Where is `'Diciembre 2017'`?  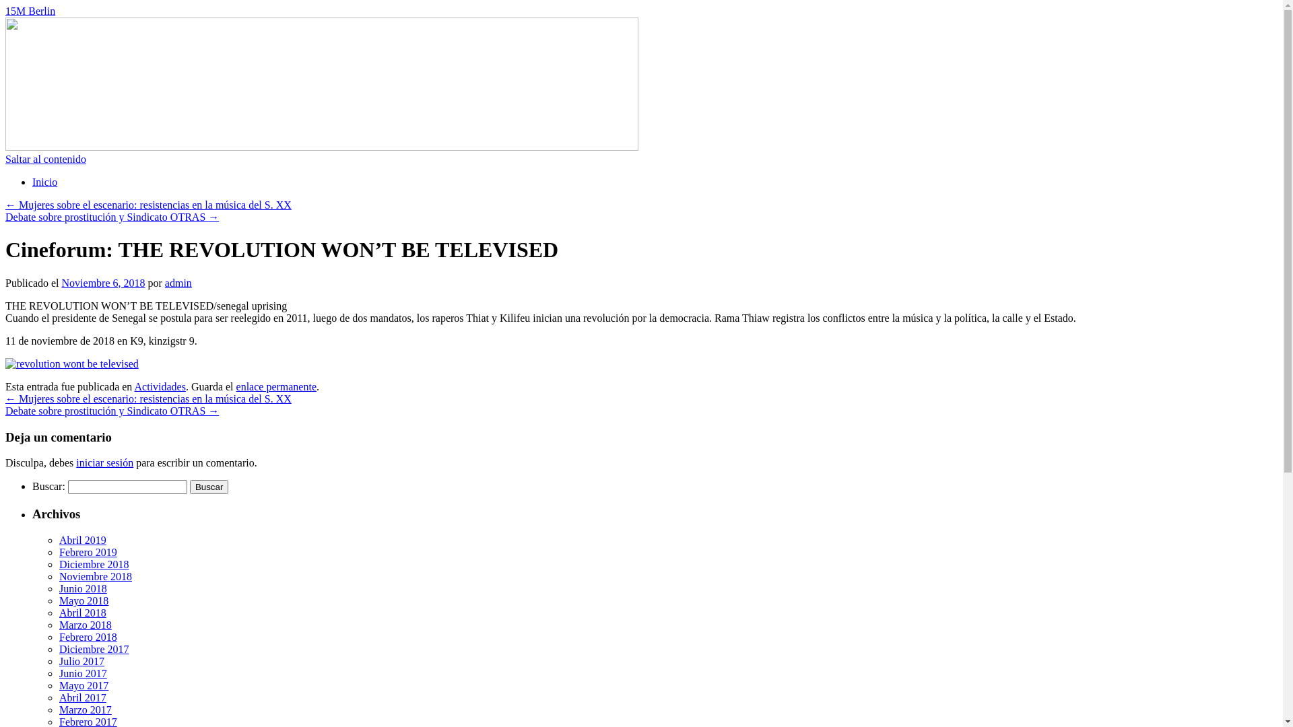
'Diciembre 2017' is located at coordinates (58, 648).